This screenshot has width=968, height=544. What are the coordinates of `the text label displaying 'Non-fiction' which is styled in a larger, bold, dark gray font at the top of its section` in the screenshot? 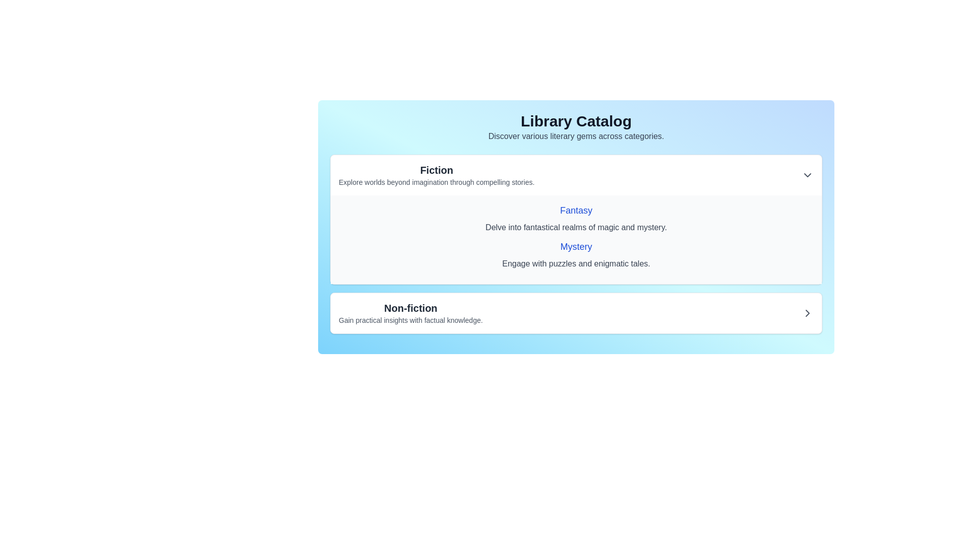 It's located at (410, 308).